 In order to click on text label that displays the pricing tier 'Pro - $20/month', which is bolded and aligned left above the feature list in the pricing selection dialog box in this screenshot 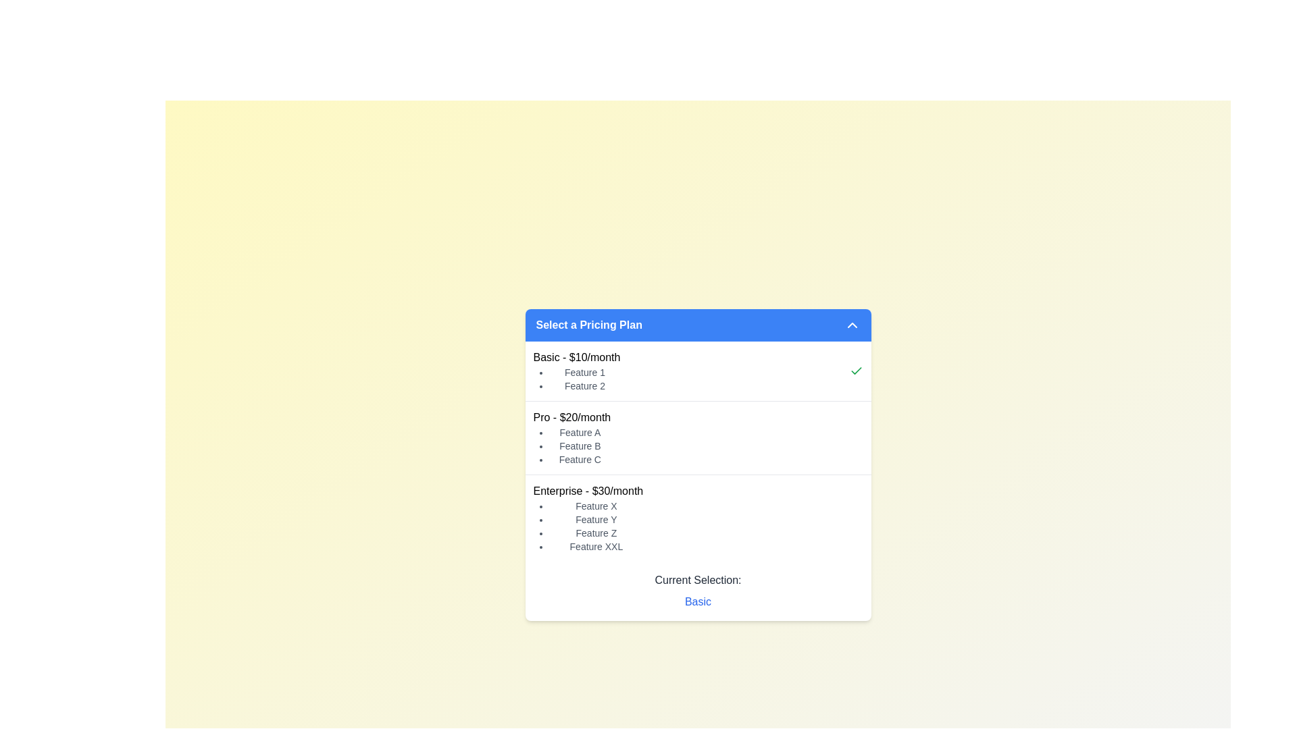, I will do `click(571, 416)`.